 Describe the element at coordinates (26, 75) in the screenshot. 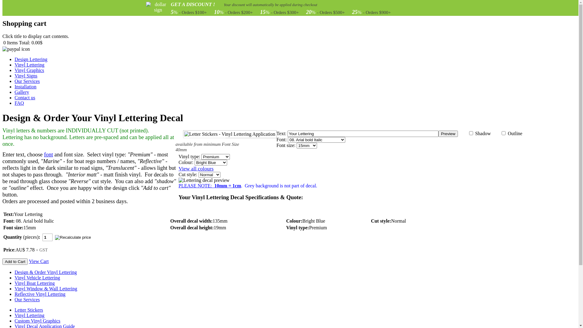

I see `'Vinyl Signs'` at that location.